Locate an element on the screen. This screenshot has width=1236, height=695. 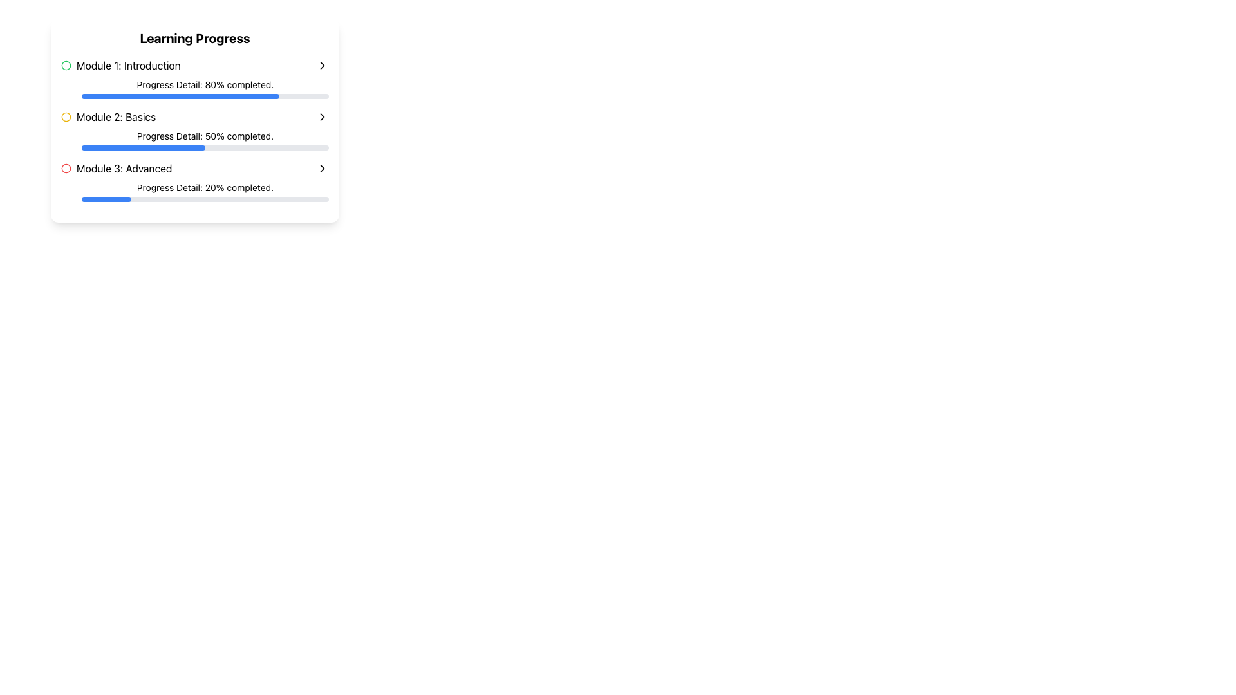
the text label displaying 'Module 2: Basics', which is located in the middle section of a vertical list of modules is located at coordinates (116, 116).